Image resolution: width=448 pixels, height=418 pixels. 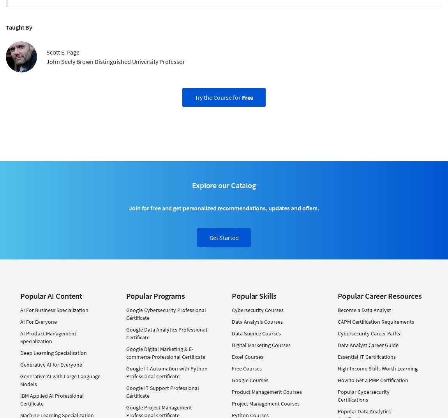 I want to click on 'CAPM Certification Requirements', so click(x=376, y=321).